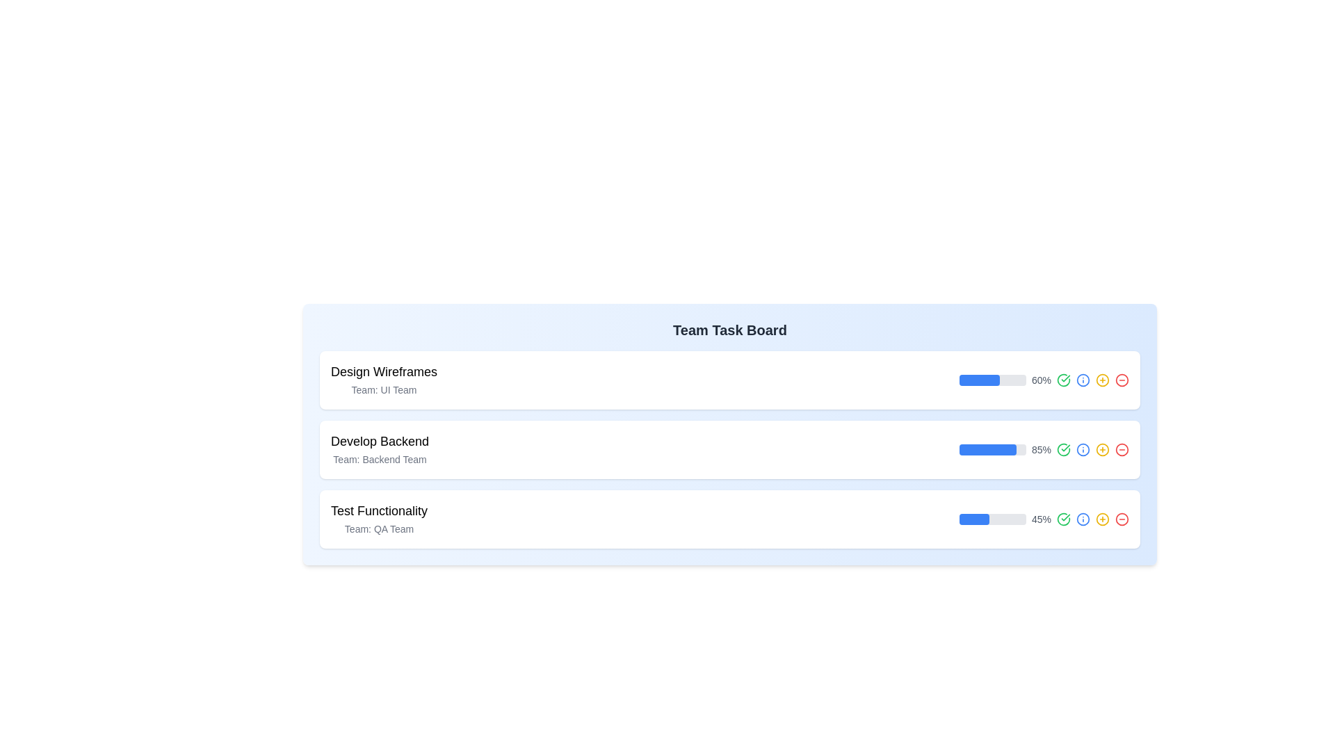 The height and width of the screenshot is (751, 1335). What do you see at coordinates (1063, 450) in the screenshot?
I see `the green checkmark icon button located to the right of the percentage indicator '85%'` at bounding box center [1063, 450].